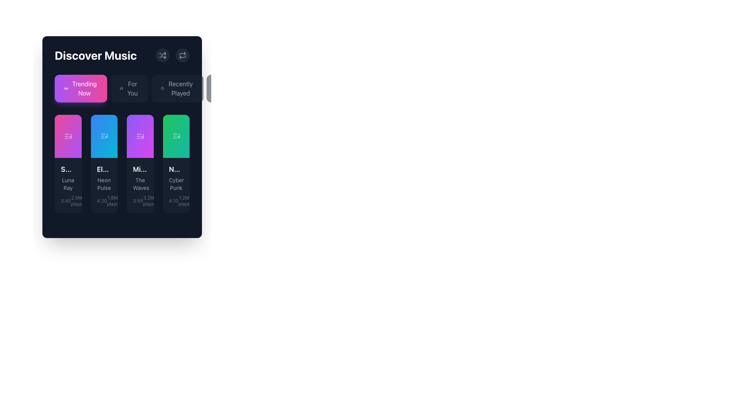  I want to click on the play icon located centrally within the green card labeled 'Cyber Punk', so click(177, 136).